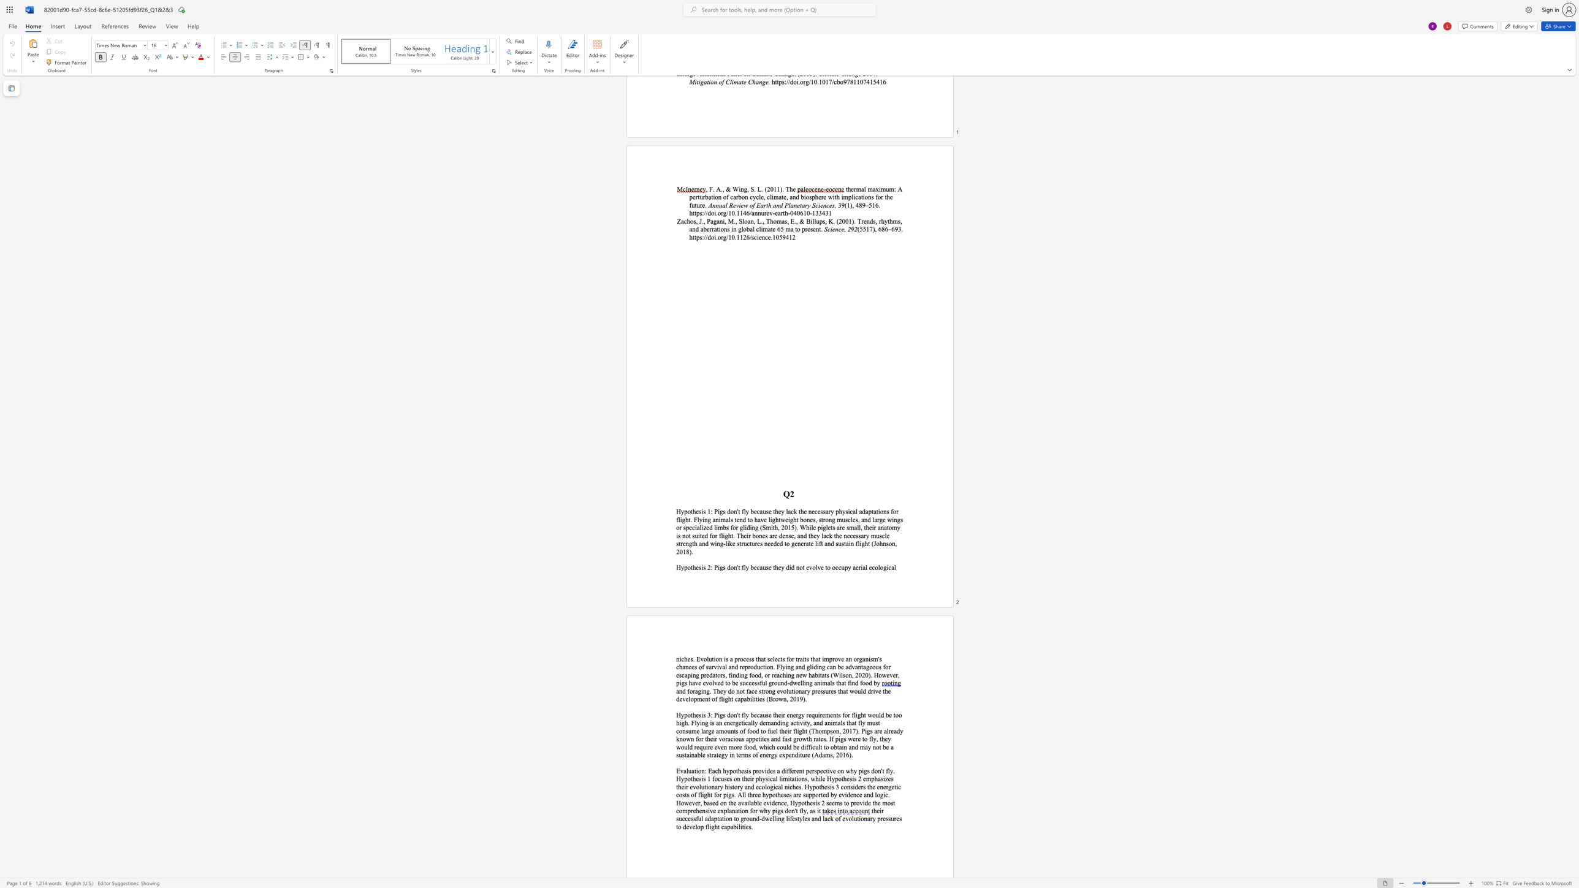 The height and width of the screenshot is (888, 1579). Describe the element at coordinates (769, 778) in the screenshot. I see `the subset text "cal limitations, whil" within the text "fly. Hypothesis 1 focuses on their physical limitations, while Hypo"` at that location.